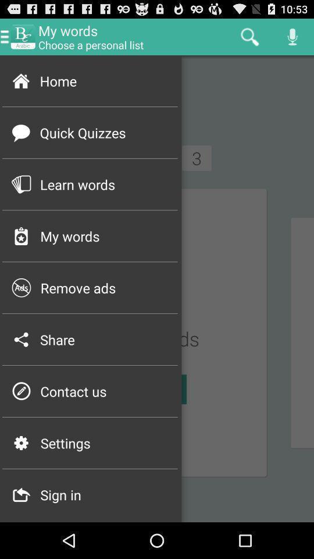 This screenshot has width=314, height=559. What do you see at coordinates (196, 157) in the screenshot?
I see `the number 3` at bounding box center [196, 157].